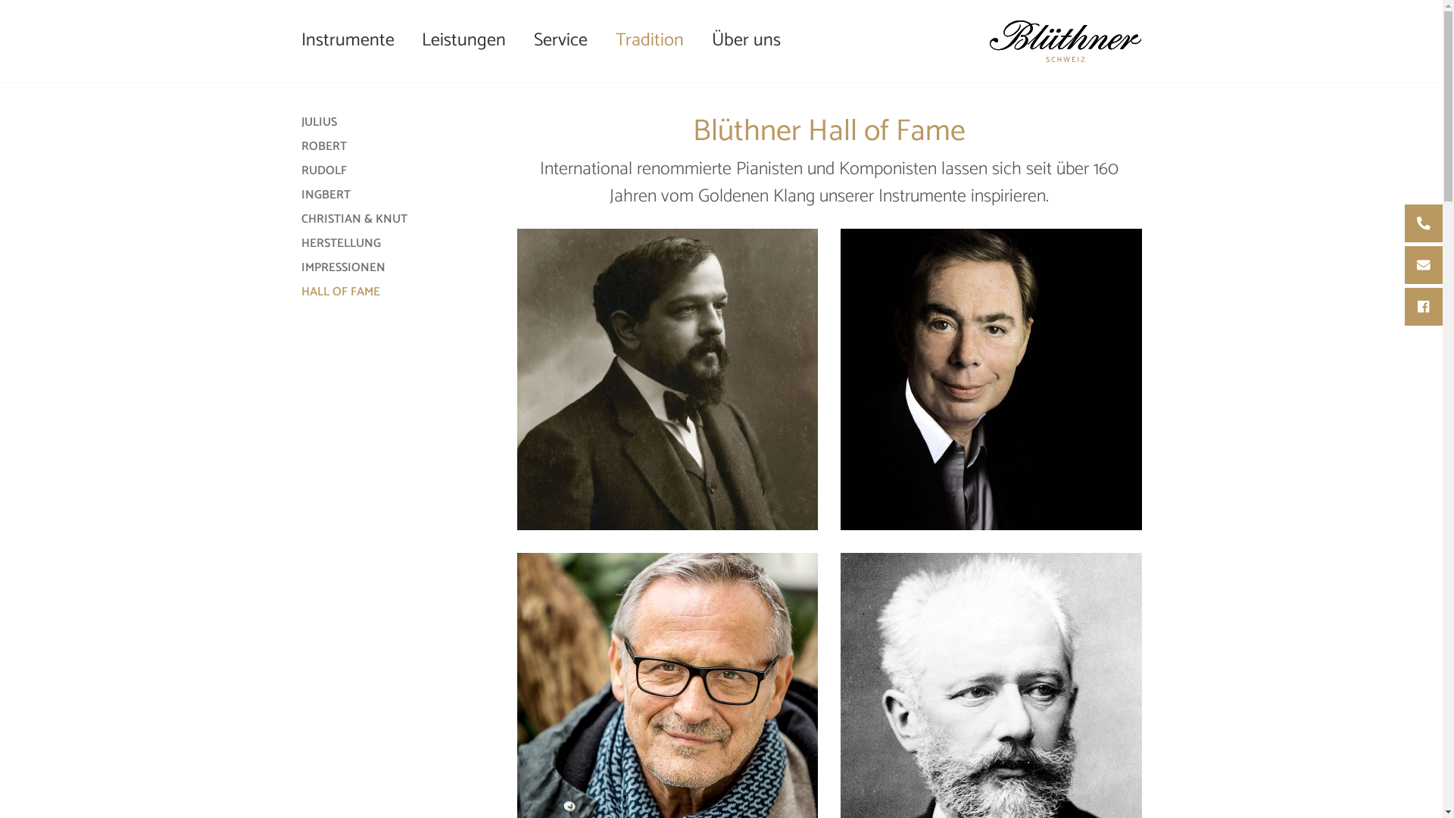 This screenshot has height=818, width=1454. I want to click on 'ROBERT', so click(301, 146).